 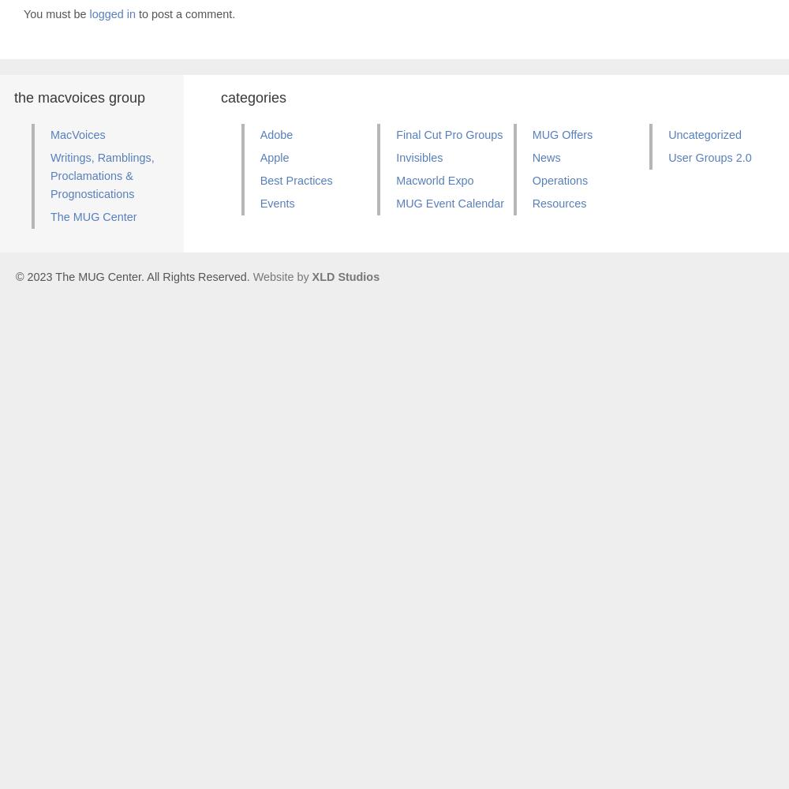 I want to click on 'MUG Event Calendar', so click(x=449, y=203).